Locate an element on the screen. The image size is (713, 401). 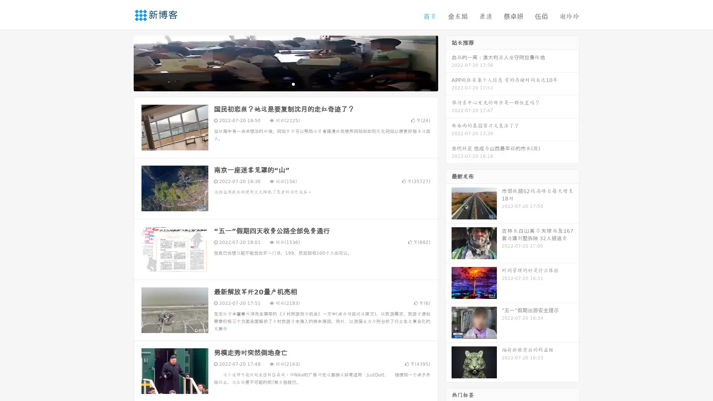
Go to slide 2 is located at coordinates (285, 84).